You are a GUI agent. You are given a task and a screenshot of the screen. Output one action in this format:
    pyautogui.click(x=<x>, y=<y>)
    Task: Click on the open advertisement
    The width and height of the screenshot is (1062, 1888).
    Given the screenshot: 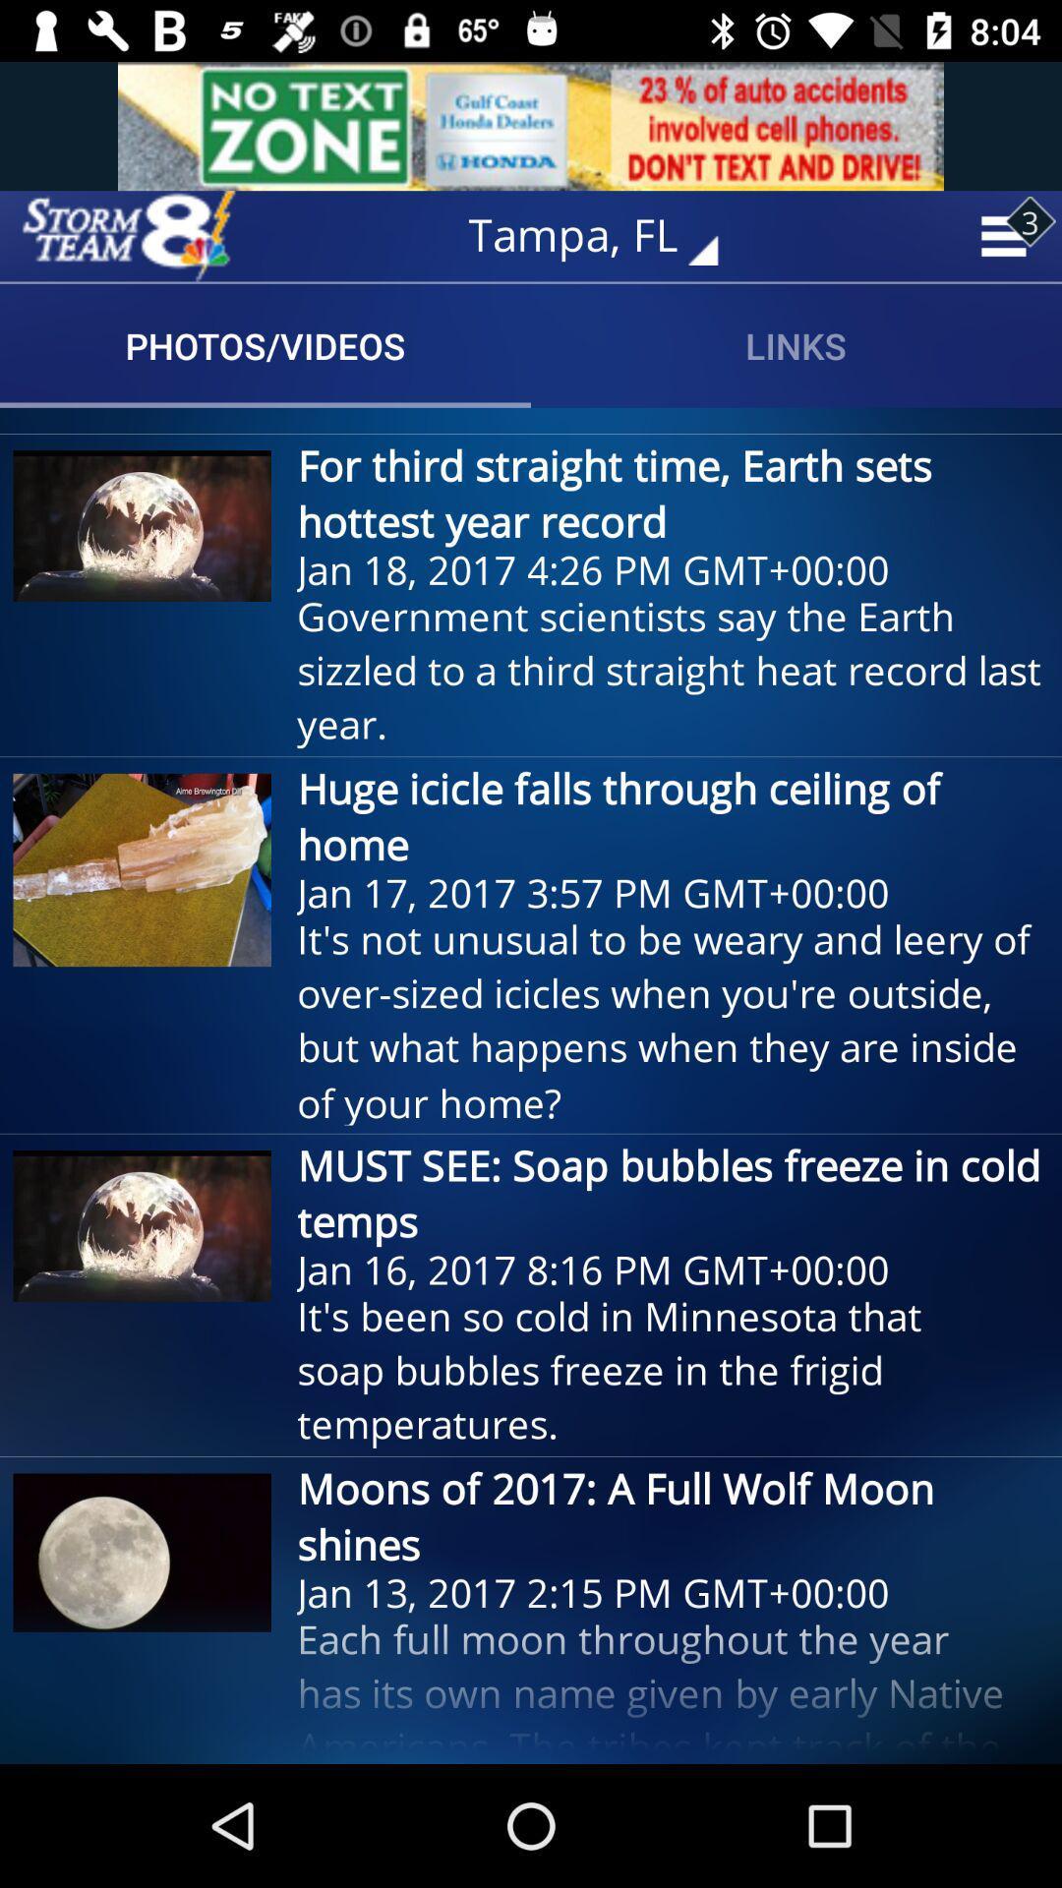 What is the action you would take?
    pyautogui.click(x=531, y=125)
    